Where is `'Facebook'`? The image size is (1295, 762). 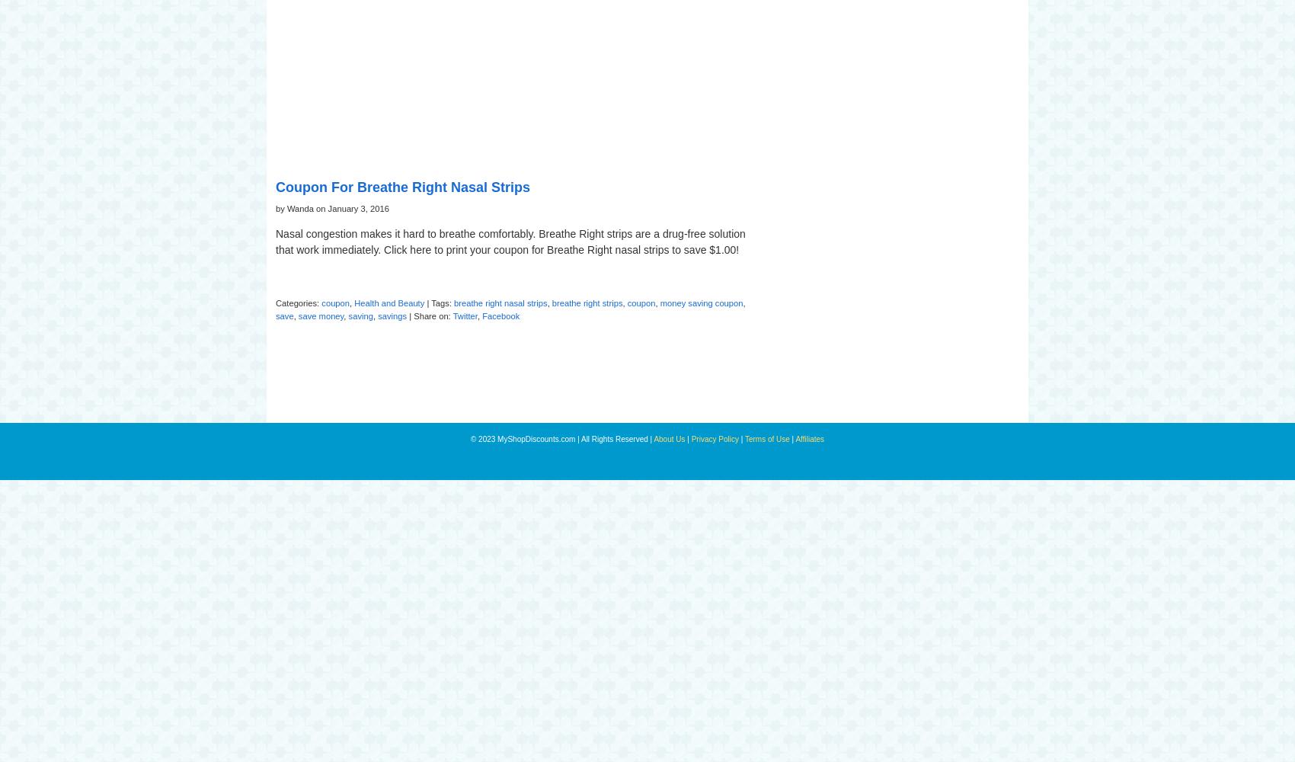
'Facebook' is located at coordinates (500, 315).